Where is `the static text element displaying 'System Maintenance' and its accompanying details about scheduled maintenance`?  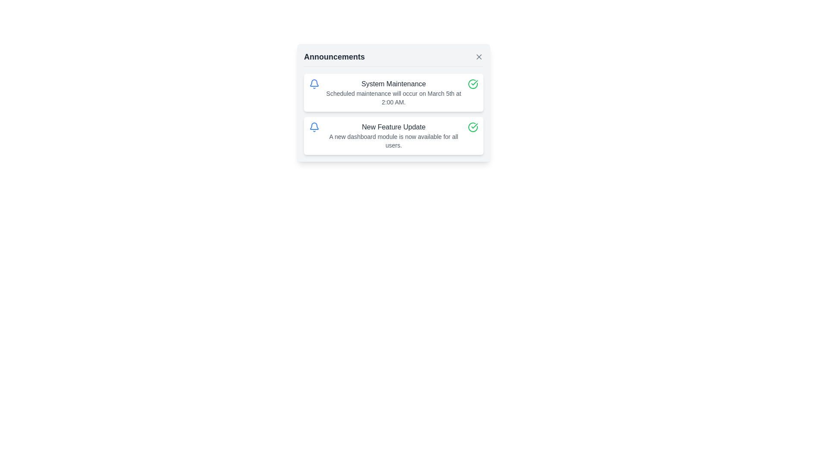 the static text element displaying 'System Maintenance' and its accompanying details about scheduled maintenance is located at coordinates (393, 93).